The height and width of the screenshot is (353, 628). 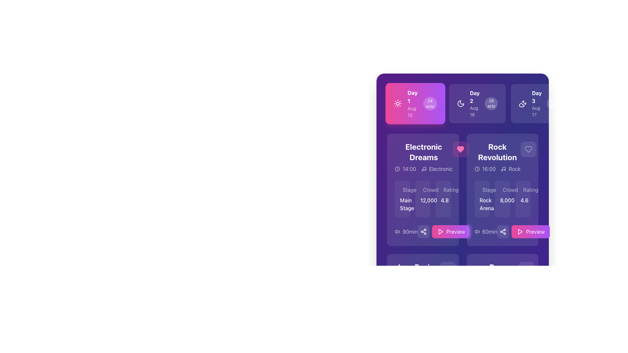 What do you see at coordinates (475, 103) in the screenshot?
I see `the date descriptor element that represents 'Day 2' and 'Aug 16' located in the center card of the multi-card layout` at bounding box center [475, 103].